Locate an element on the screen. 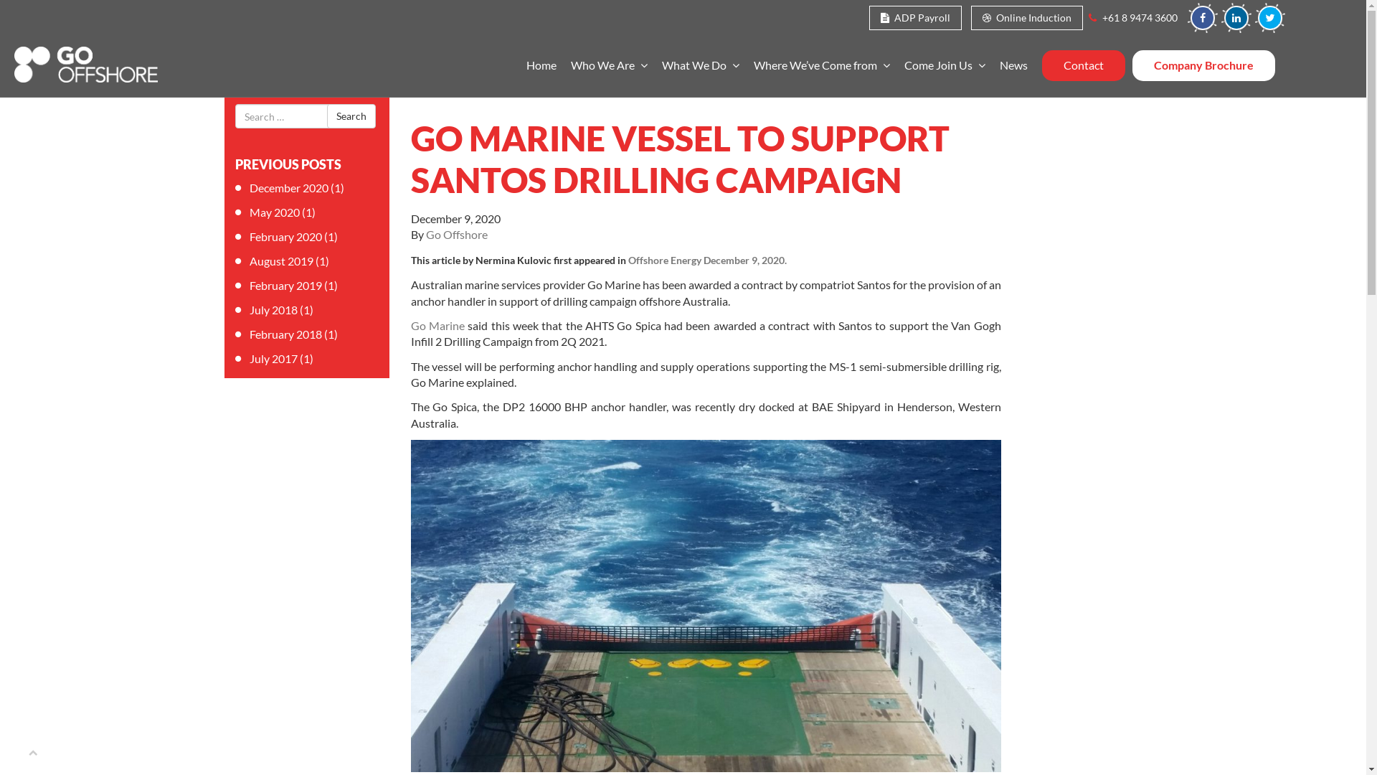 Image resolution: width=1377 pixels, height=775 pixels. 'Online Induction' is located at coordinates (1026, 17).